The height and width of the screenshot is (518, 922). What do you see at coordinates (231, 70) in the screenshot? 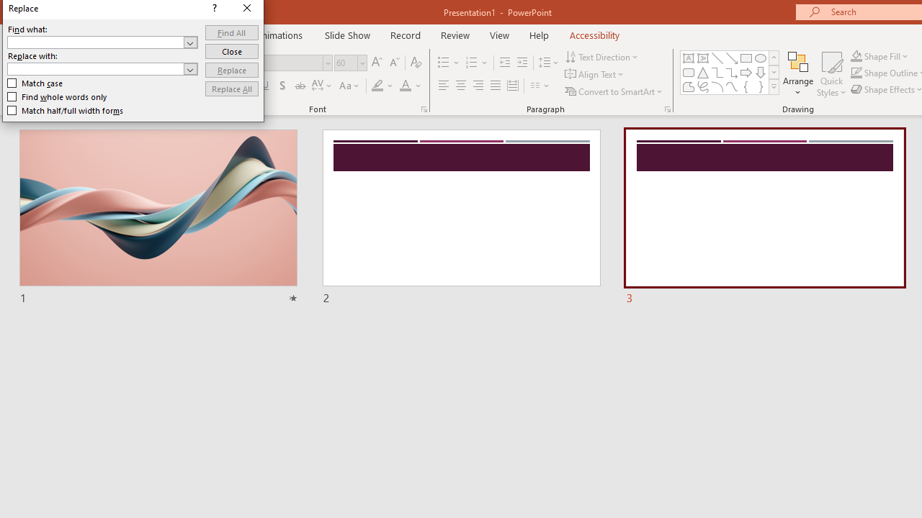
I see `'Replace'` at bounding box center [231, 70].